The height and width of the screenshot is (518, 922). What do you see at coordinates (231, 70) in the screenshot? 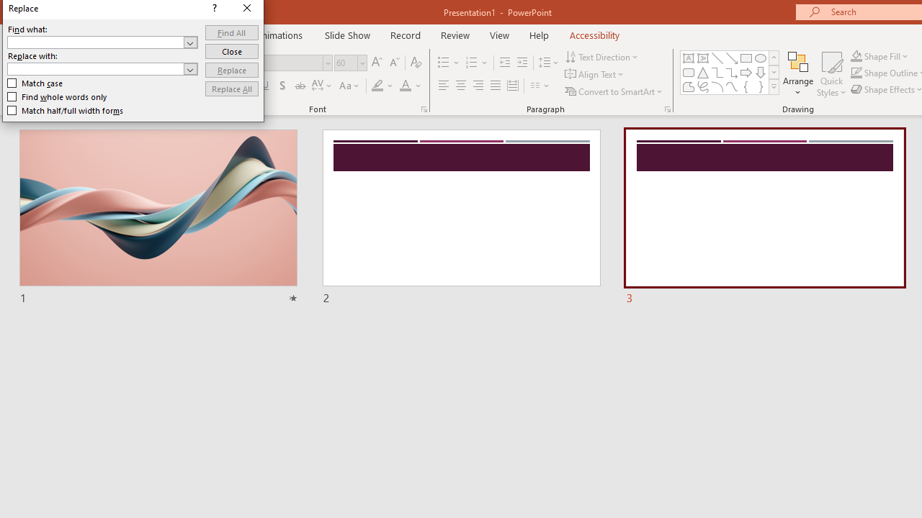
I see `'Replace'` at bounding box center [231, 70].